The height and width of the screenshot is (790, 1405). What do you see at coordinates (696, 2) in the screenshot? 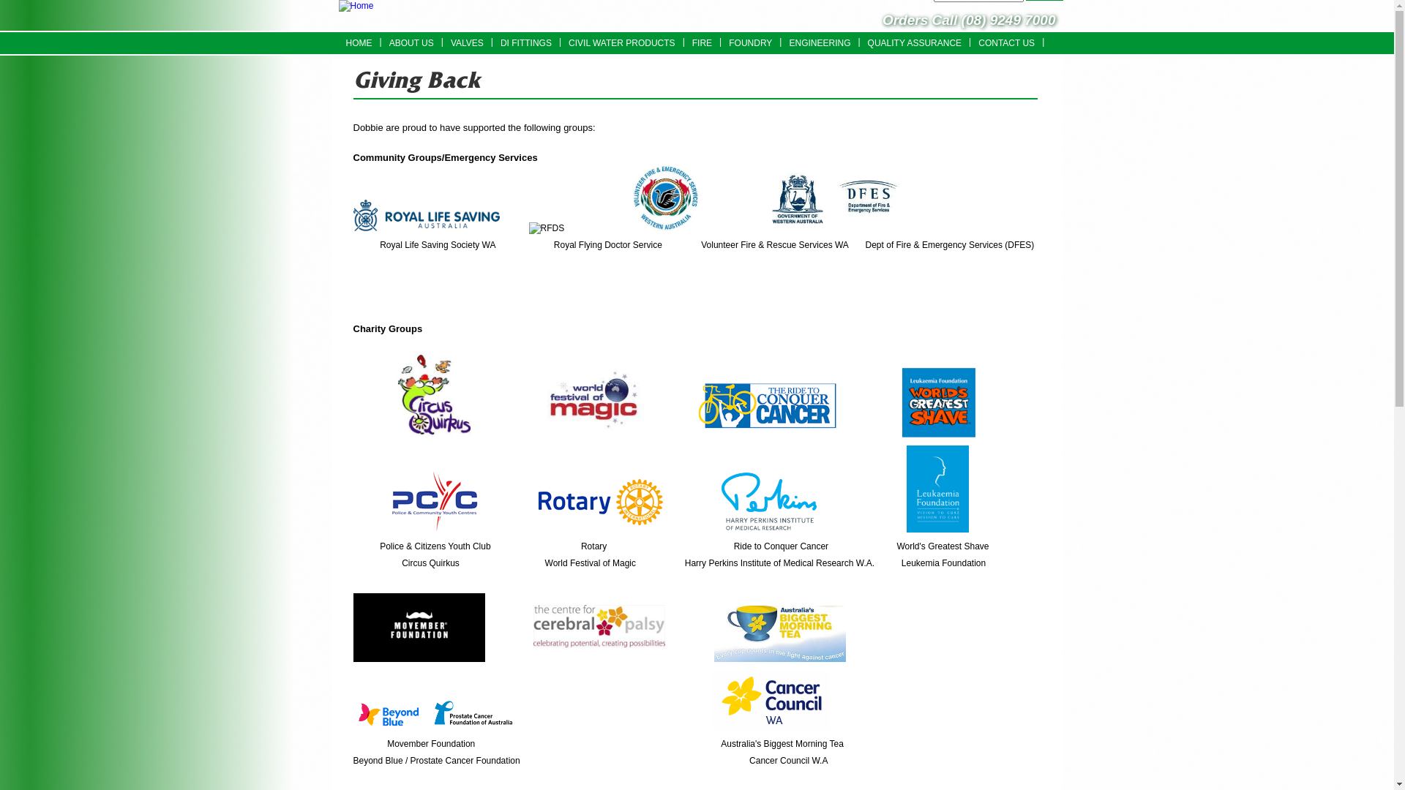
I see `'Jump to navigation'` at bounding box center [696, 2].